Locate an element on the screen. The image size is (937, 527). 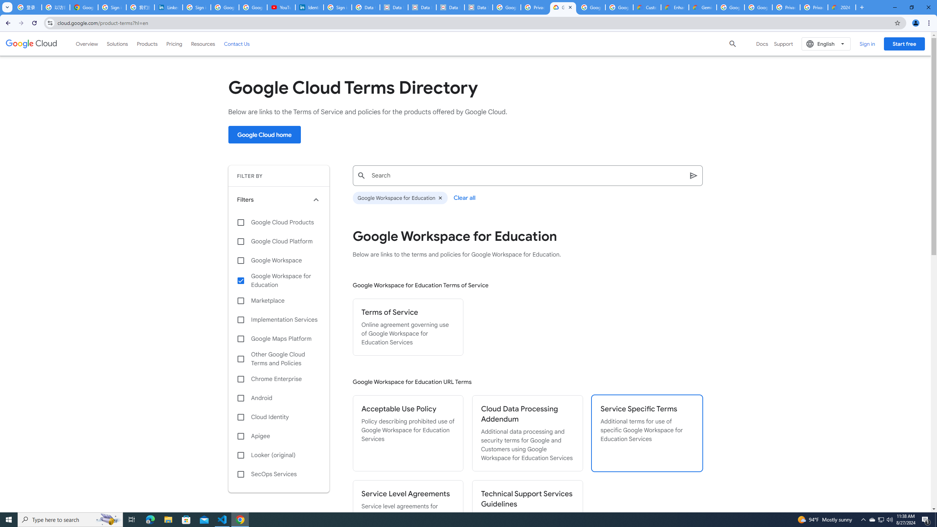
'Cloud Identity' is located at coordinates (279, 417).